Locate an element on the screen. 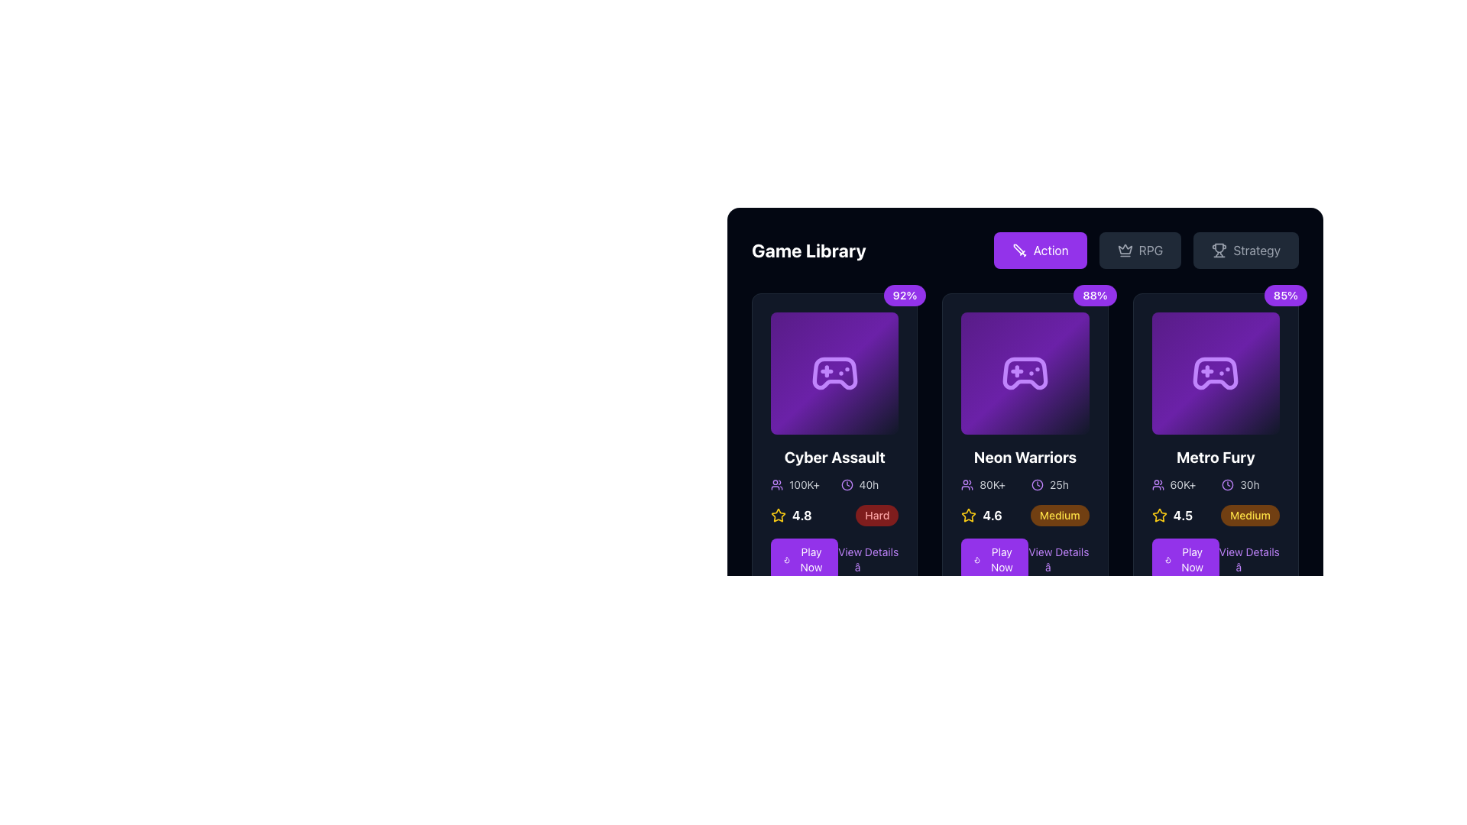 The height and width of the screenshot is (825, 1467). text content of the title label located in the center of the game card layout, positioned below the gamepad graphic and above the player and playtime indicators is located at coordinates (834, 456).